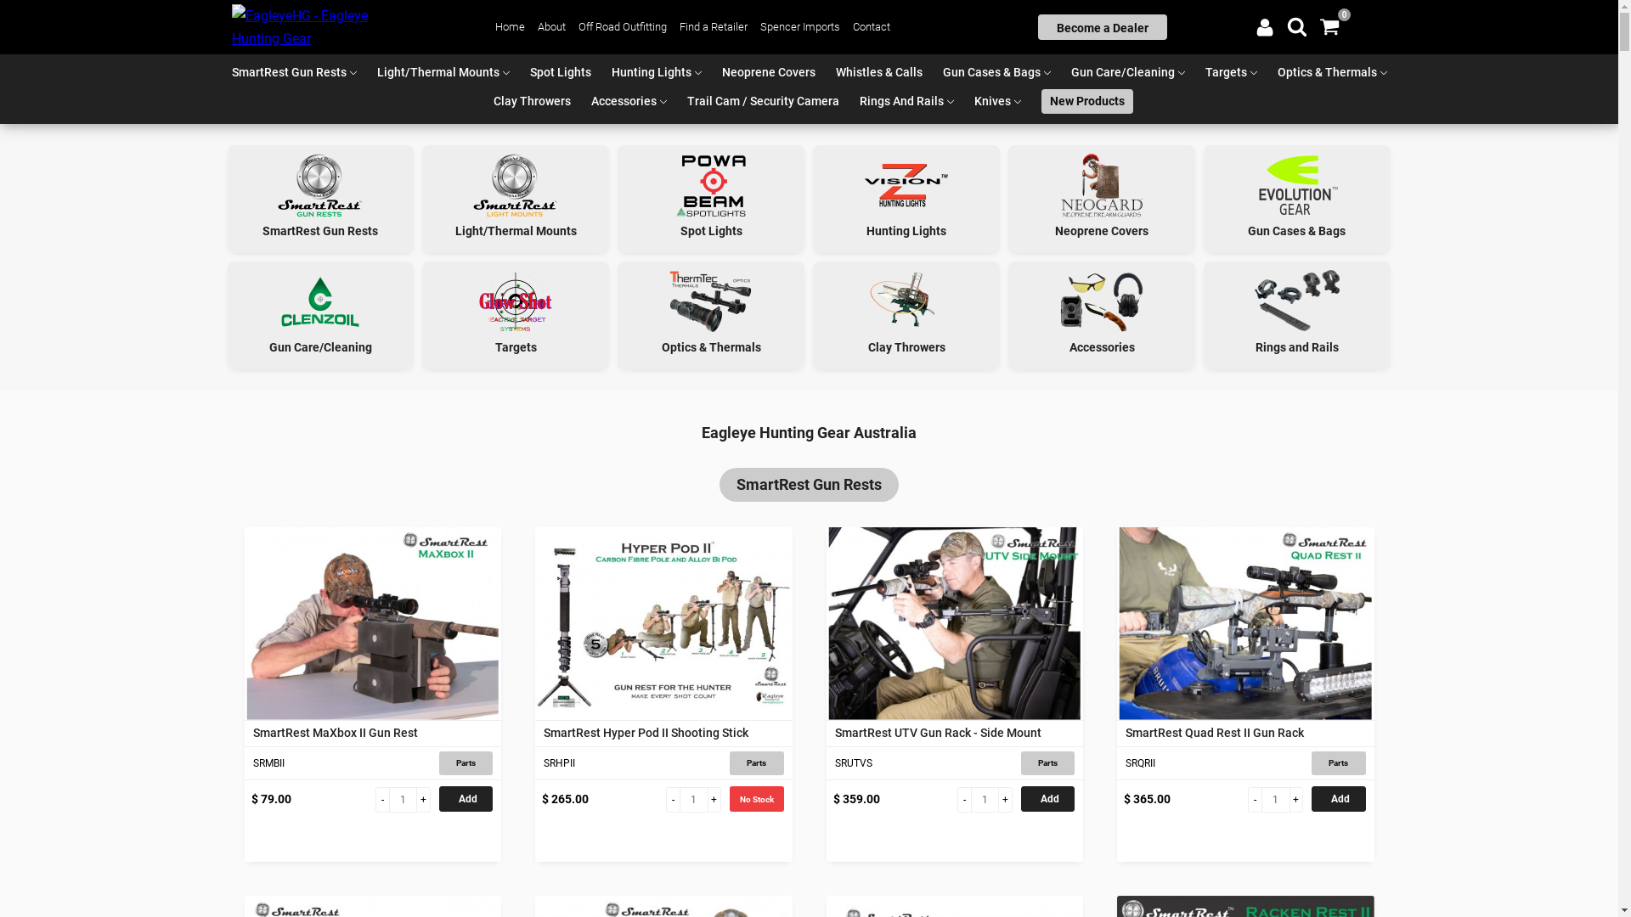  Describe the element at coordinates (768, 71) in the screenshot. I see `'Neoprene Covers'` at that location.